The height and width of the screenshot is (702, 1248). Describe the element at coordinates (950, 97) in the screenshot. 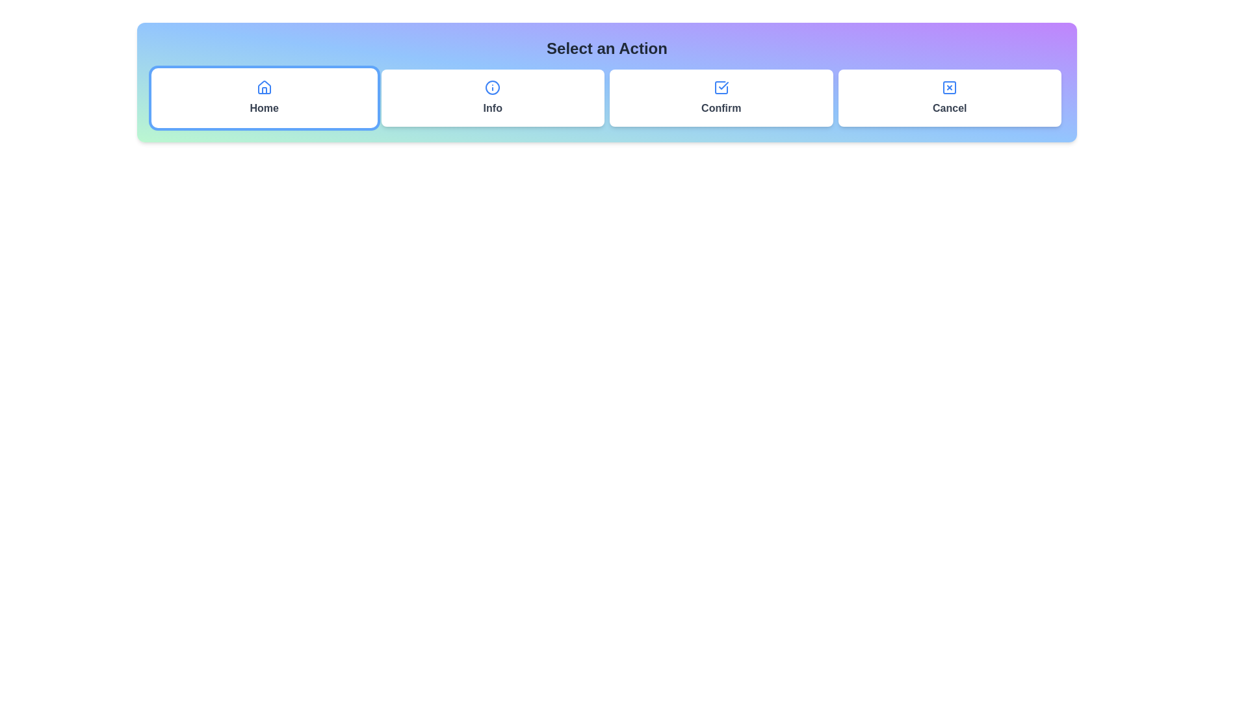

I see `the Cancel button to change the active icon` at that location.